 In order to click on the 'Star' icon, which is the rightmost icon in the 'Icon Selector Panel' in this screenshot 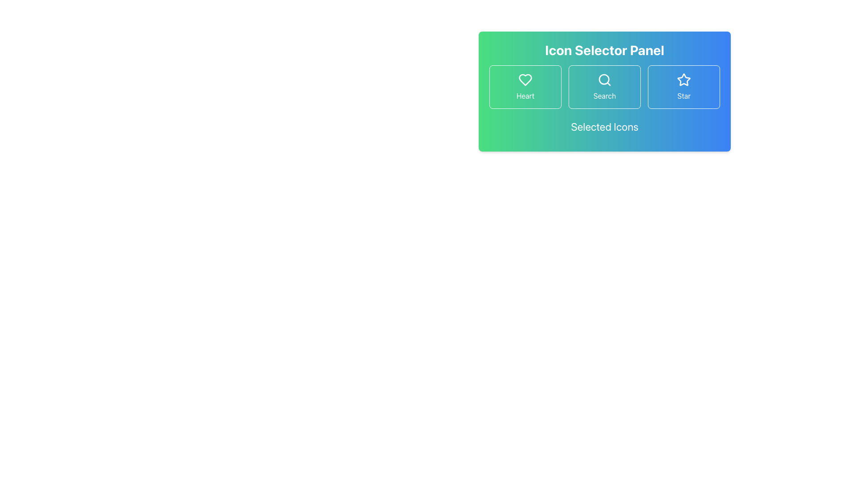, I will do `click(684, 79)`.